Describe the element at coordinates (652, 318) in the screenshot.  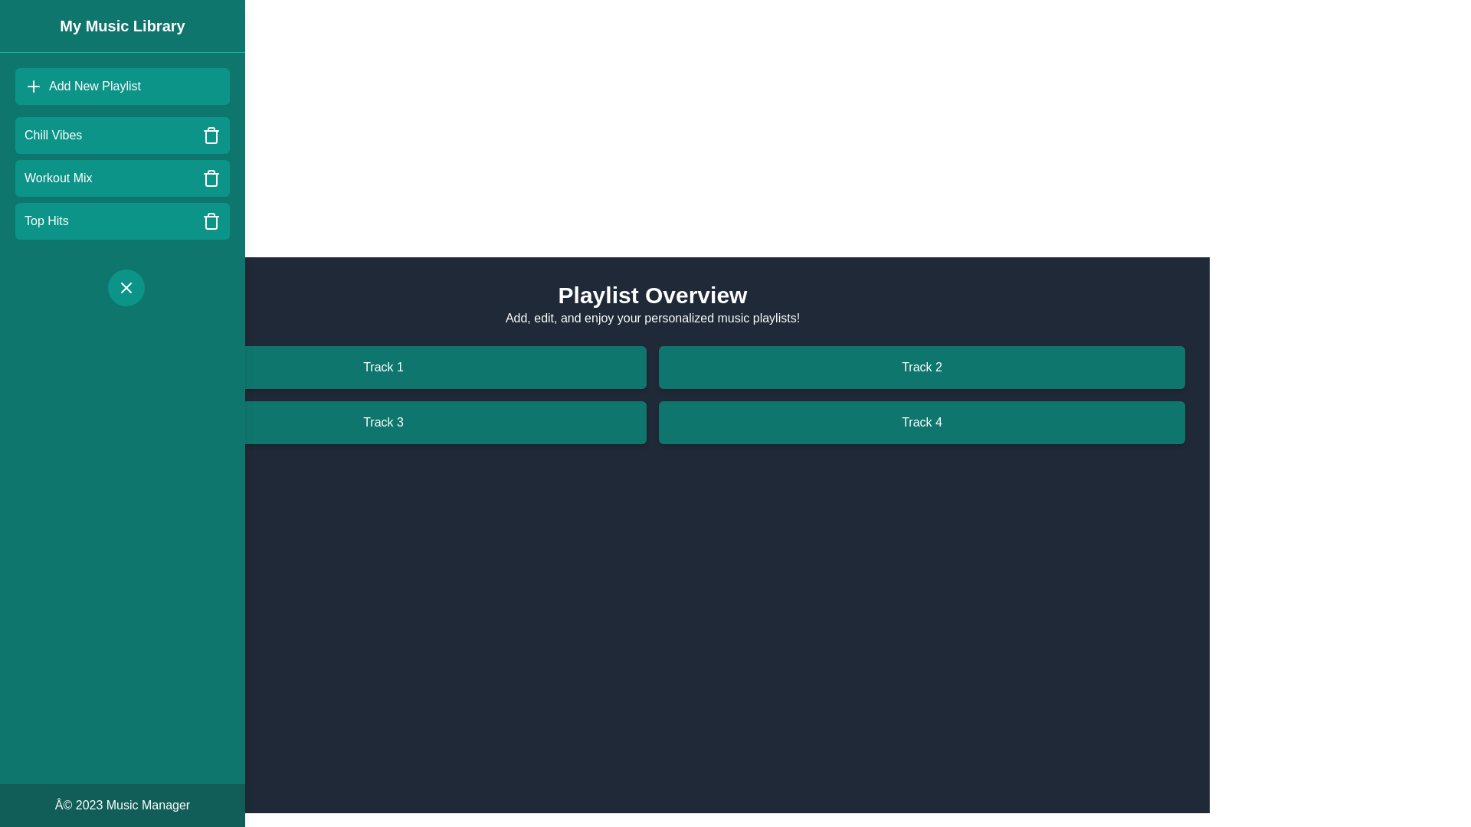
I see `the Text label that serves as a subtitle for the 'Playlist Overview' section, located directly below the 'Playlist Overview' title and above the grid of playlist items` at that location.